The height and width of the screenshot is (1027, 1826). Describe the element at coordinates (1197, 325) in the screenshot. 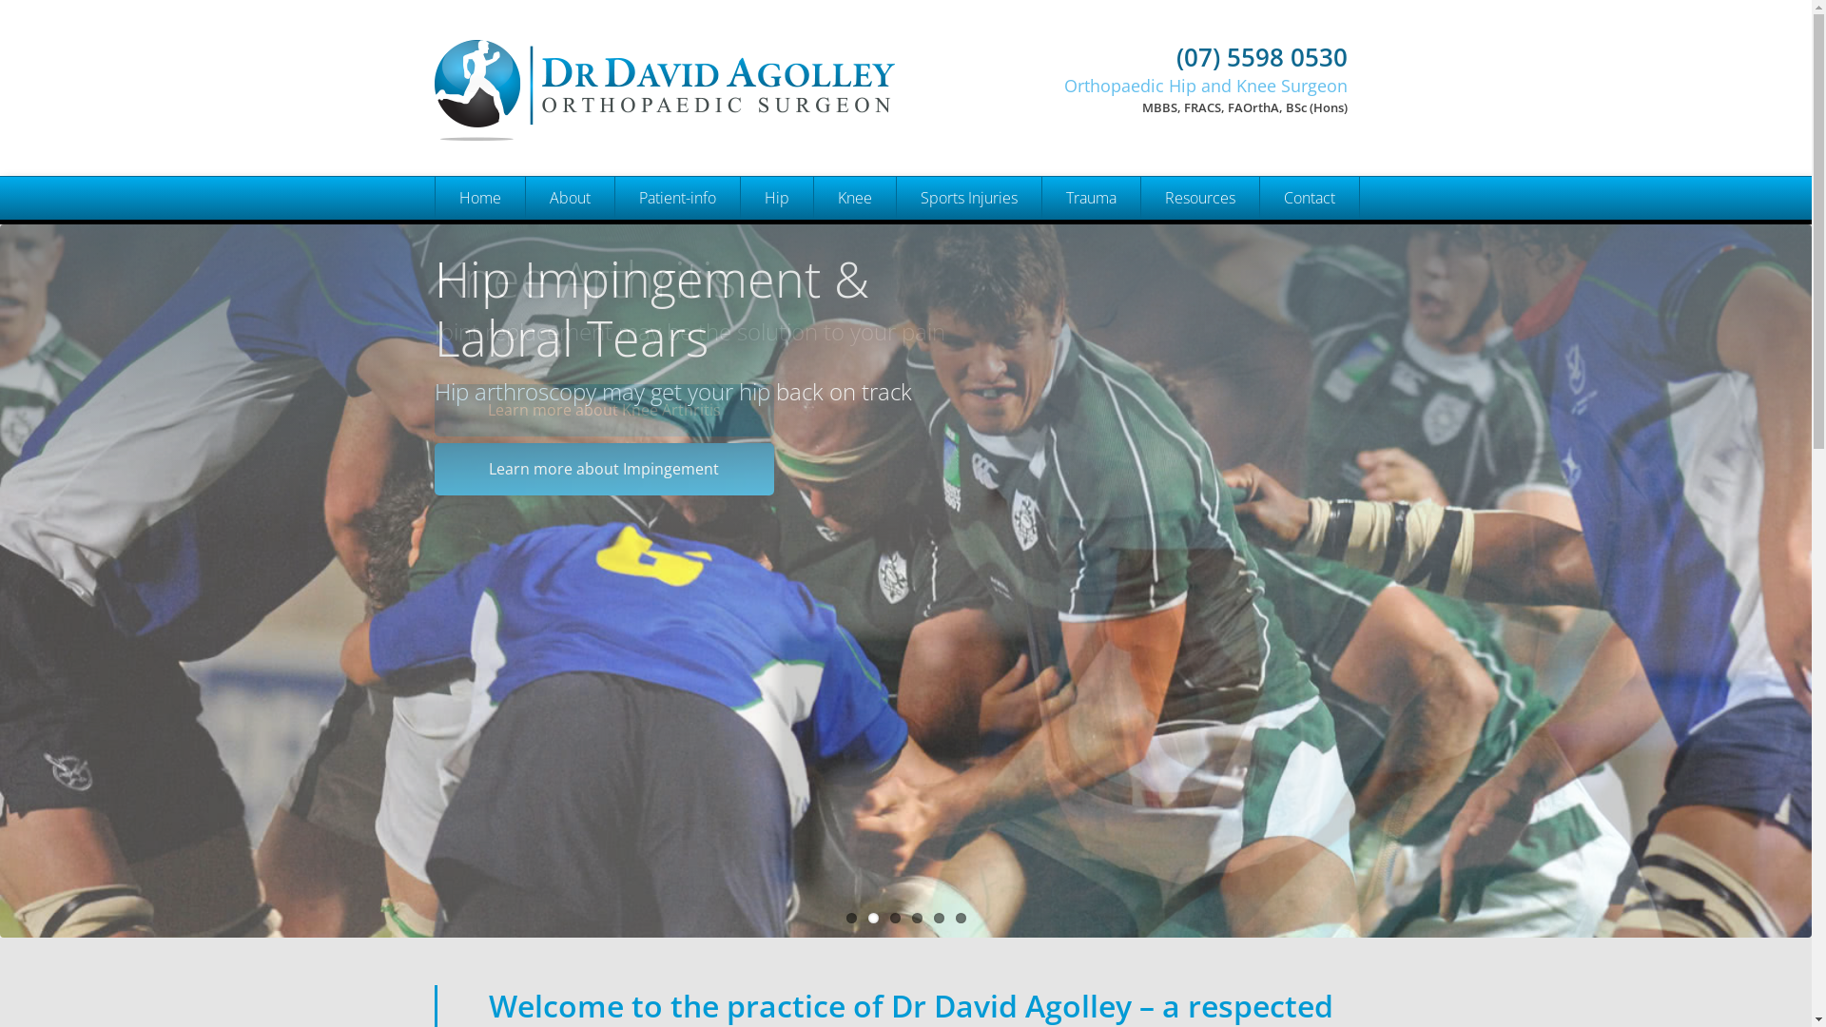

I see `'Videos'` at that location.